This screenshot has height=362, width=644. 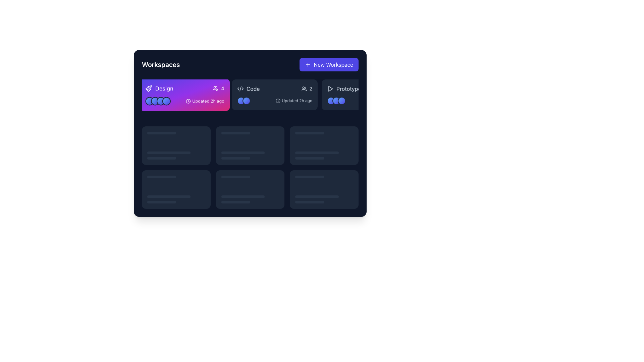 What do you see at coordinates (364, 95) in the screenshot?
I see `the 'Prototype3' interactive panel item` at bounding box center [364, 95].